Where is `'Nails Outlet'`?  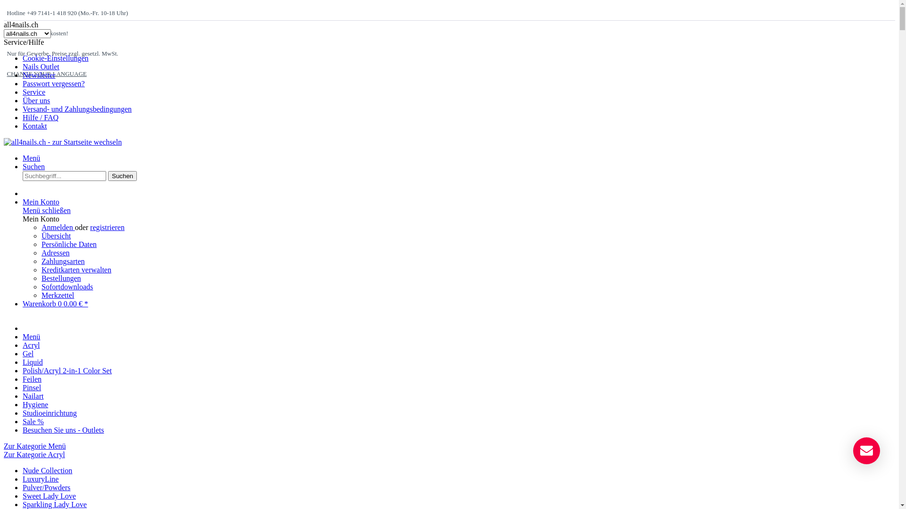 'Nails Outlet' is located at coordinates (40, 66).